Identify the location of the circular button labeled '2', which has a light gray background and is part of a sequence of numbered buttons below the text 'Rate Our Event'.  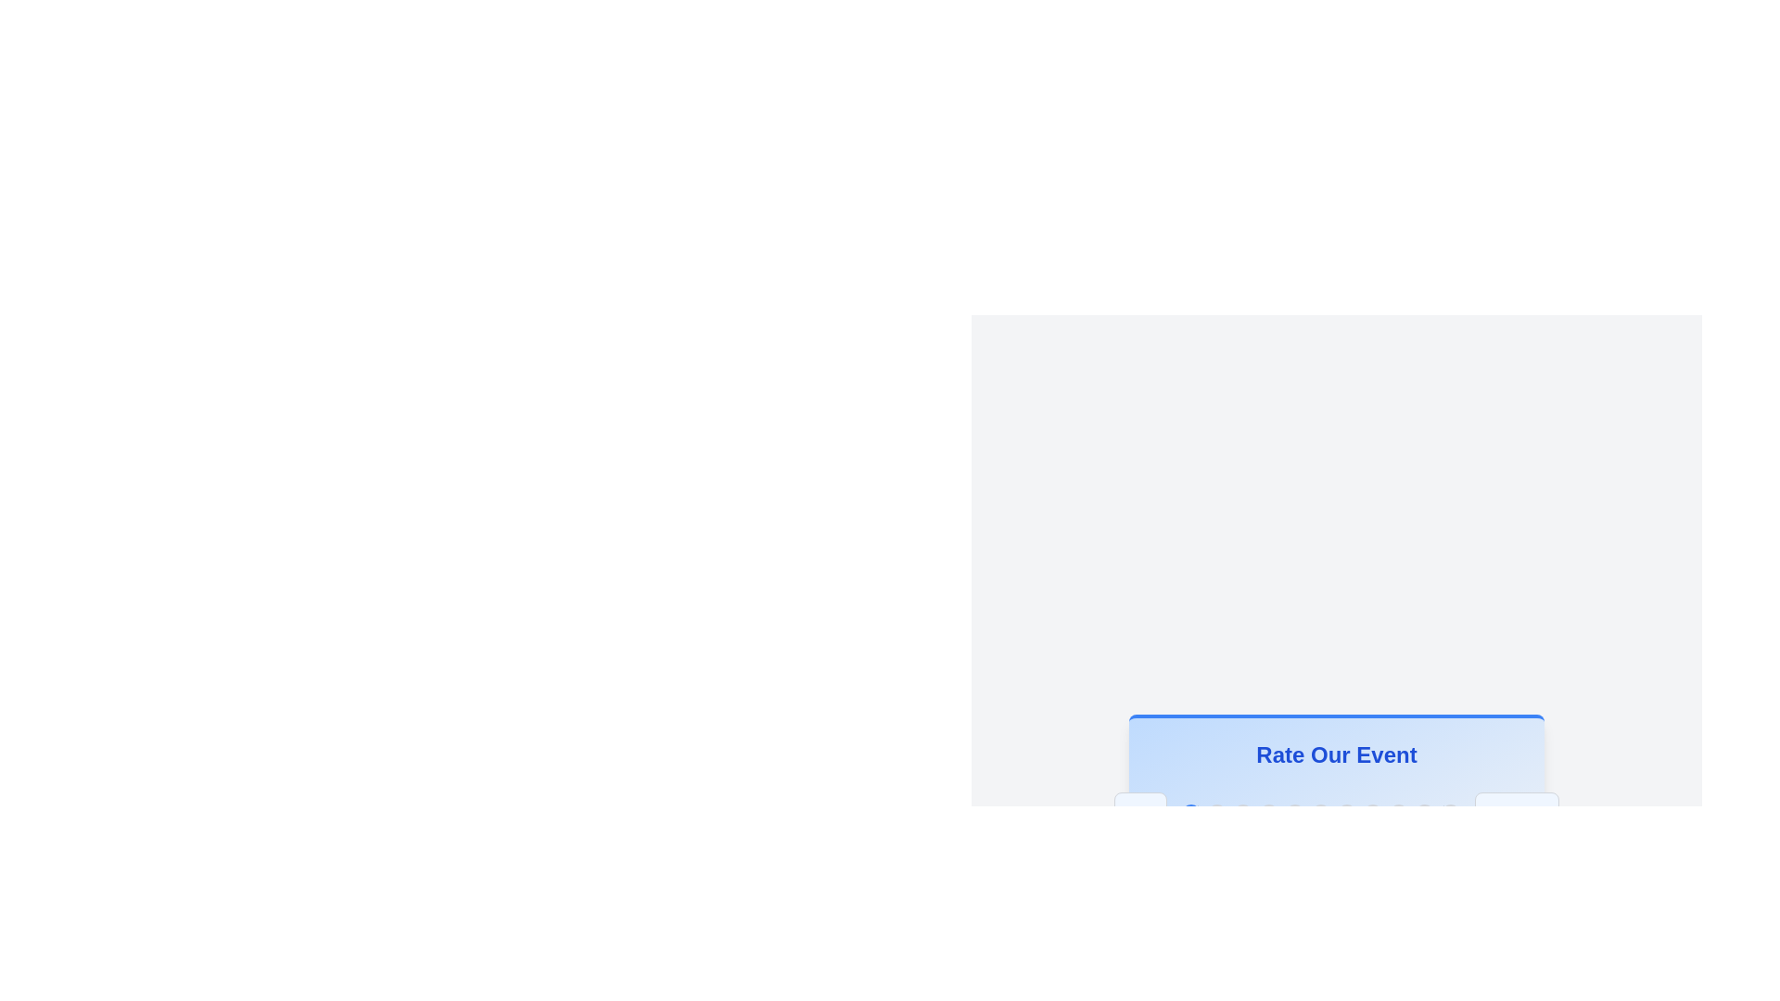
(1242, 813).